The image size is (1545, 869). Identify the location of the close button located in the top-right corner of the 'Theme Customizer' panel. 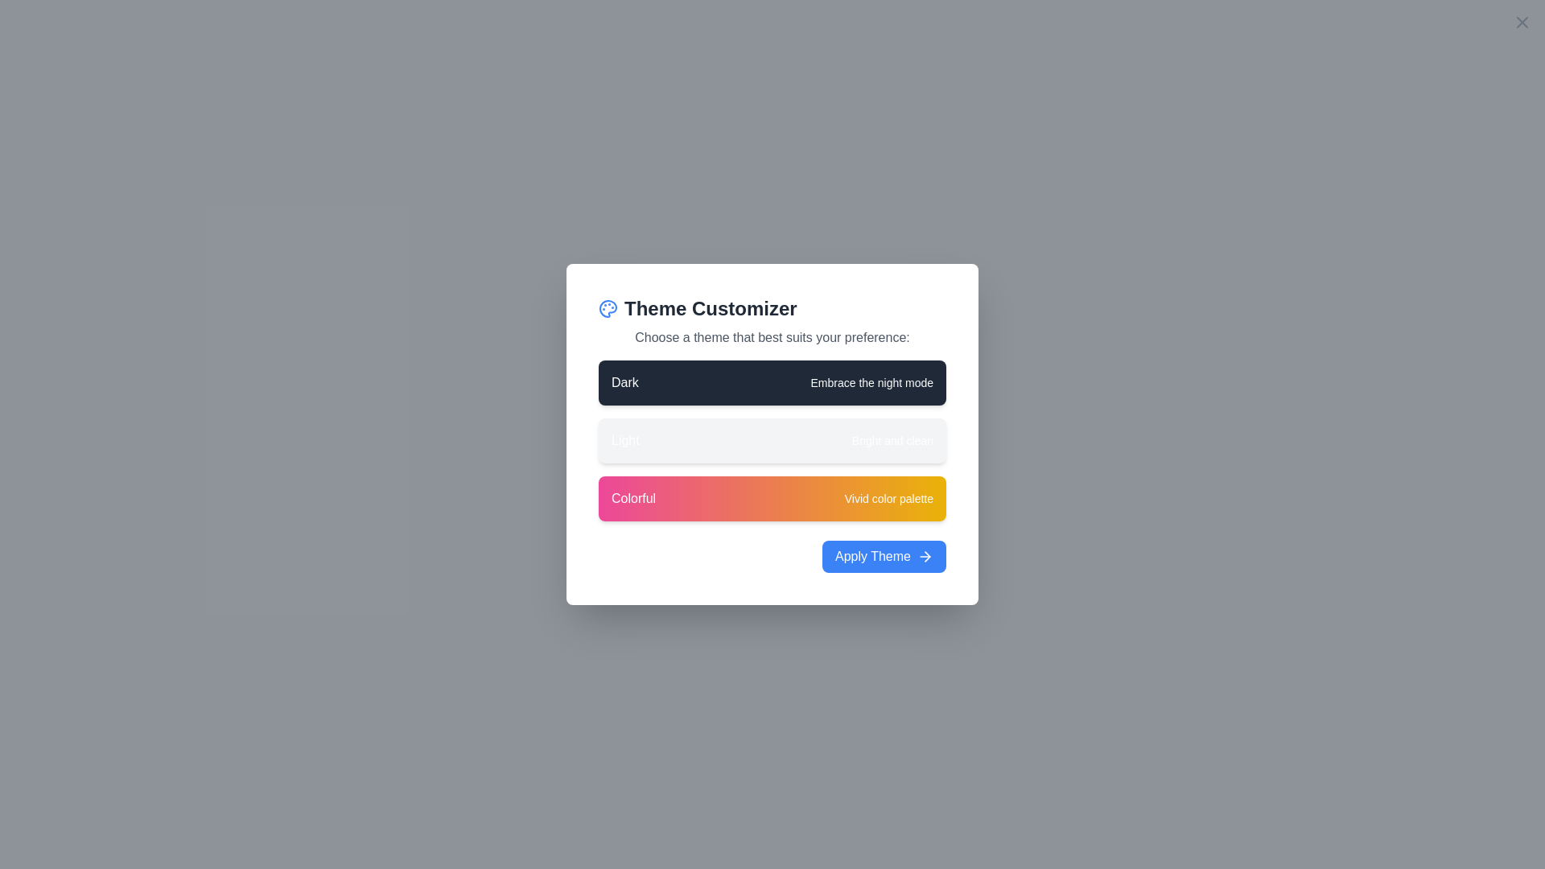
(1521, 22).